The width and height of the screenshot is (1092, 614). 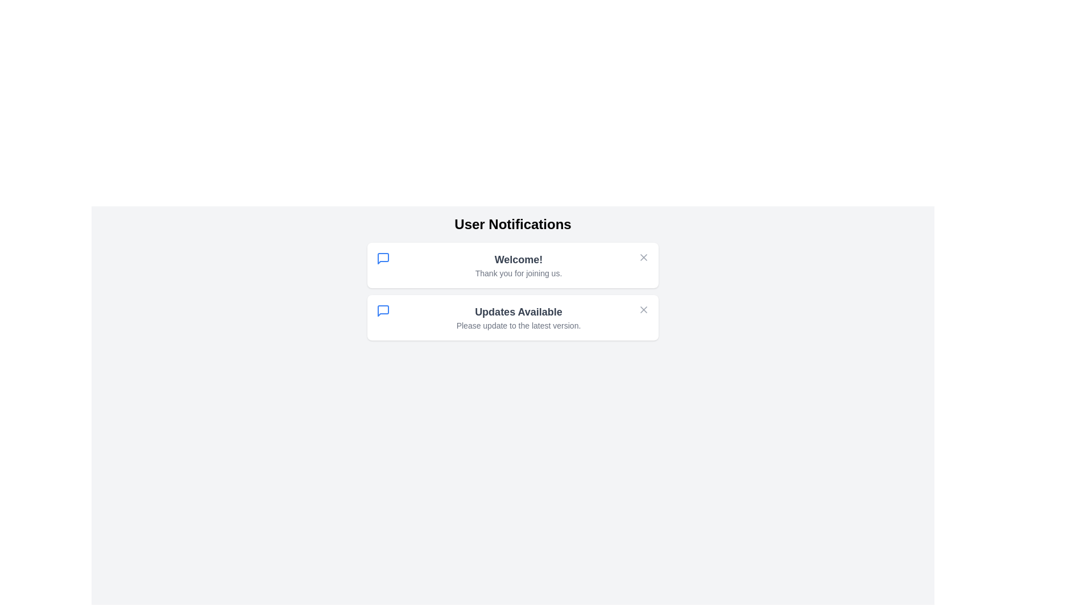 I want to click on the speech bubble icon indicating 'Updates Available', which is the first element within the card, positioned to the left of the text content, so click(x=383, y=311).